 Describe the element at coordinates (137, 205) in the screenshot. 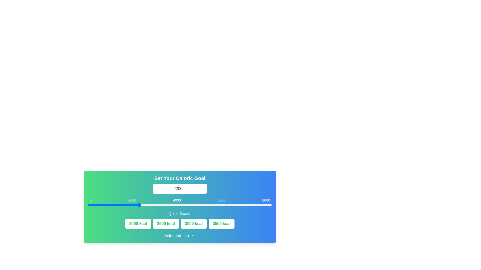

I see `the caloric goal` at that location.